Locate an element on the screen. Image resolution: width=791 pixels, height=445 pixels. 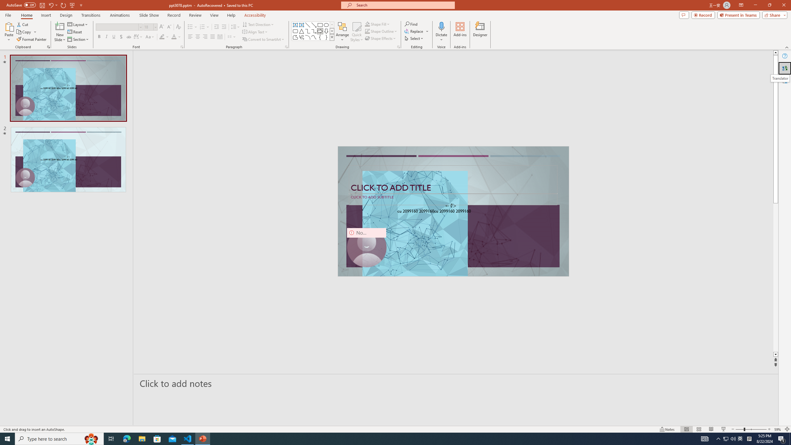
'Camera 9, No camera detected.' is located at coordinates (366, 247).